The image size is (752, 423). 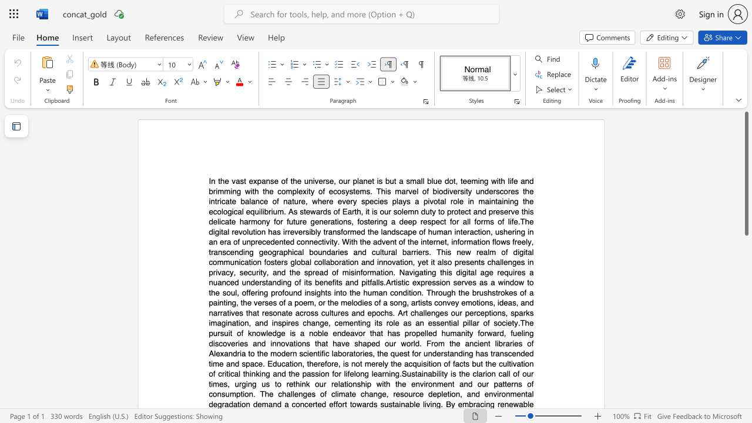 I want to click on the scrollbar on the right to shift the page lower, so click(x=746, y=394).